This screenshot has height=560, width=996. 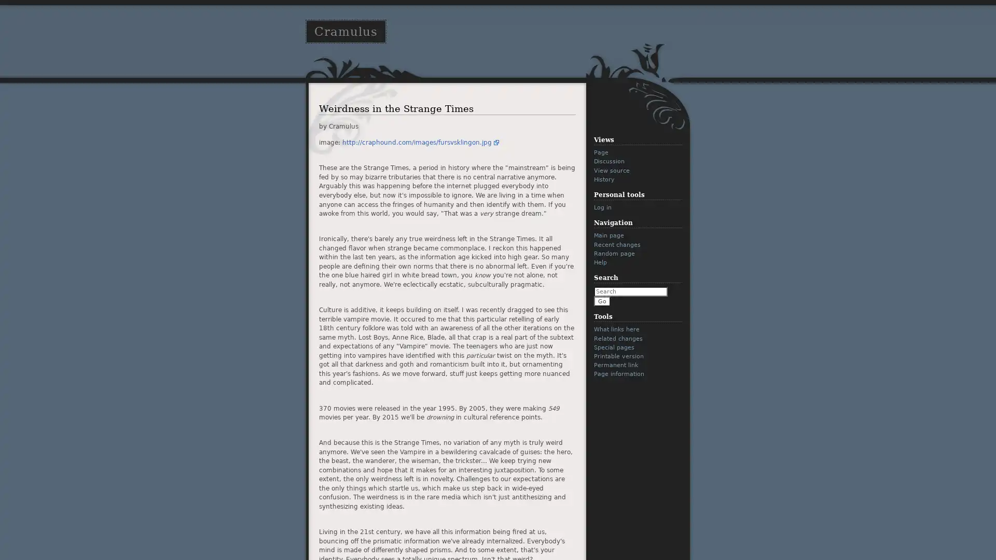 What do you see at coordinates (602, 301) in the screenshot?
I see `Go` at bounding box center [602, 301].